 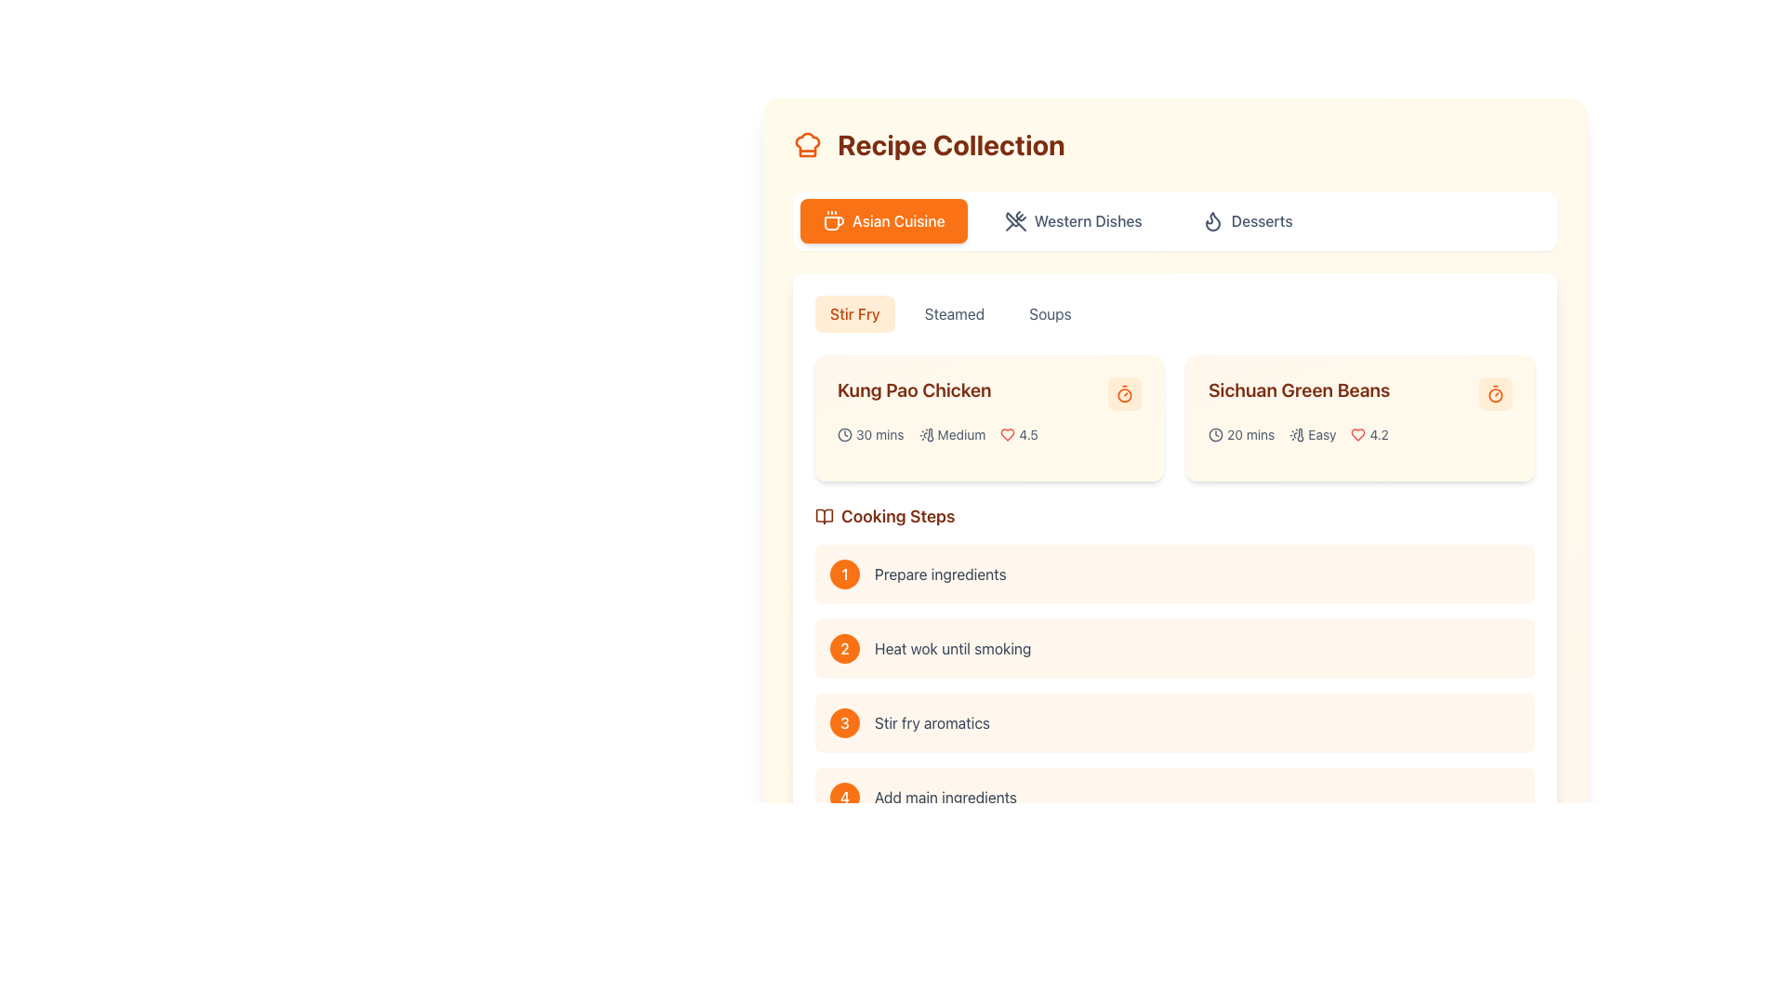 What do you see at coordinates (1358, 434) in the screenshot?
I see `the first icon in the rating display section of the 'Sichuan Green Beans' card, which visually indicates the user's affinity or rating` at bounding box center [1358, 434].